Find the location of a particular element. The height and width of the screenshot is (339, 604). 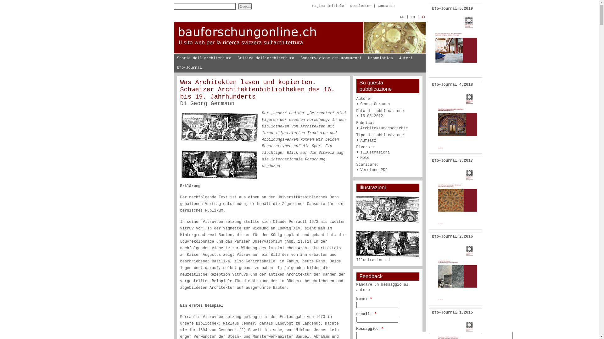

'Versione PDF' is located at coordinates (374, 170).